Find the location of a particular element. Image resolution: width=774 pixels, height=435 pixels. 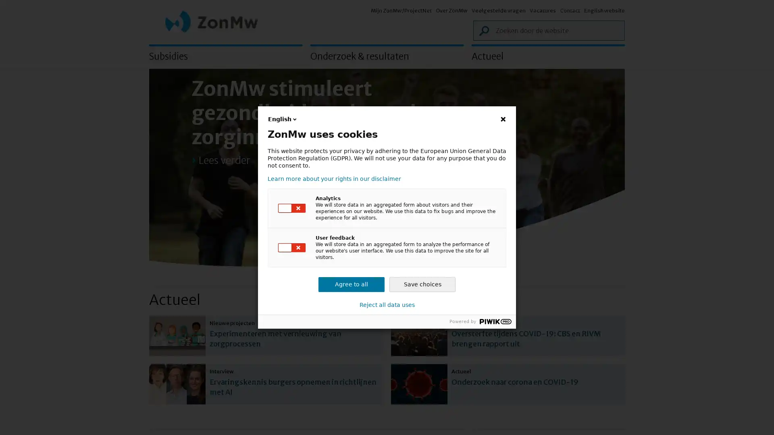

Agree to all is located at coordinates (352, 284).